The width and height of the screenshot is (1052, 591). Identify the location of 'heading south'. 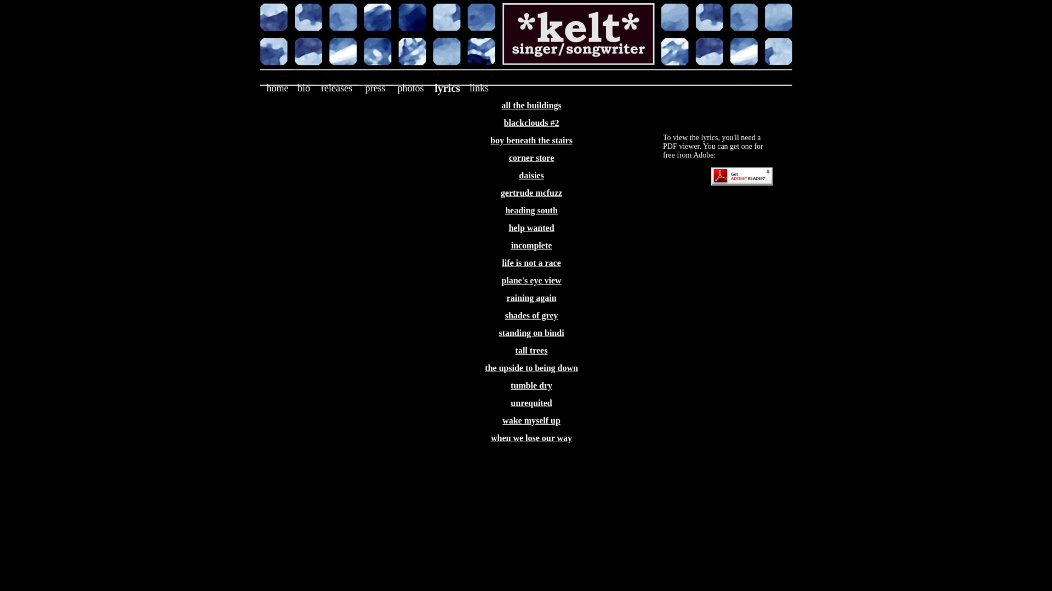
(531, 210).